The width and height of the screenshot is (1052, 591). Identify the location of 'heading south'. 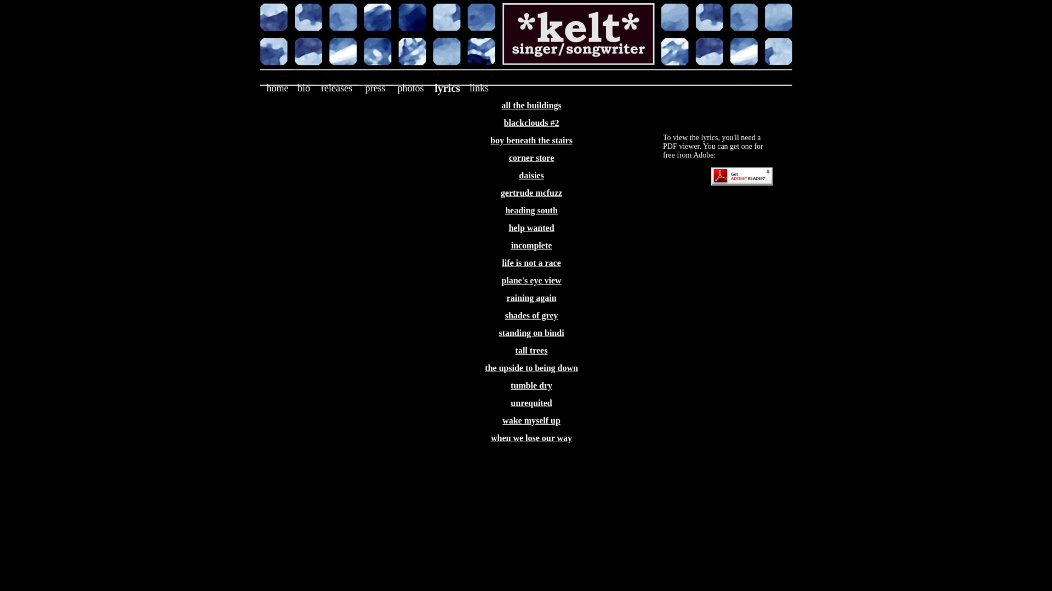
(531, 210).